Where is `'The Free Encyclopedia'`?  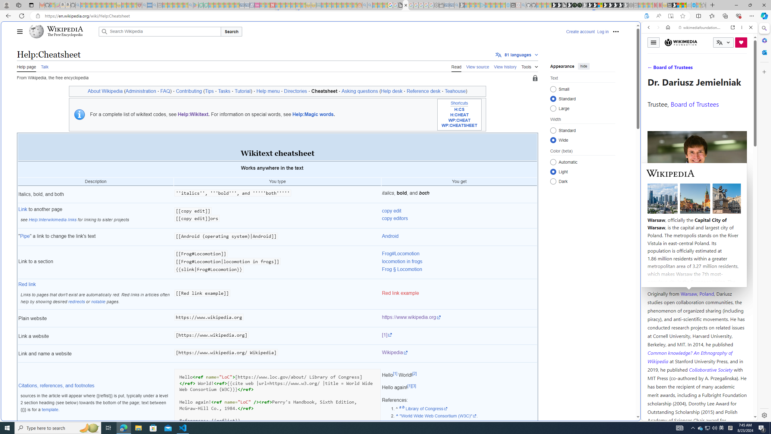
'The Free Encyclopedia' is located at coordinates (65, 34).